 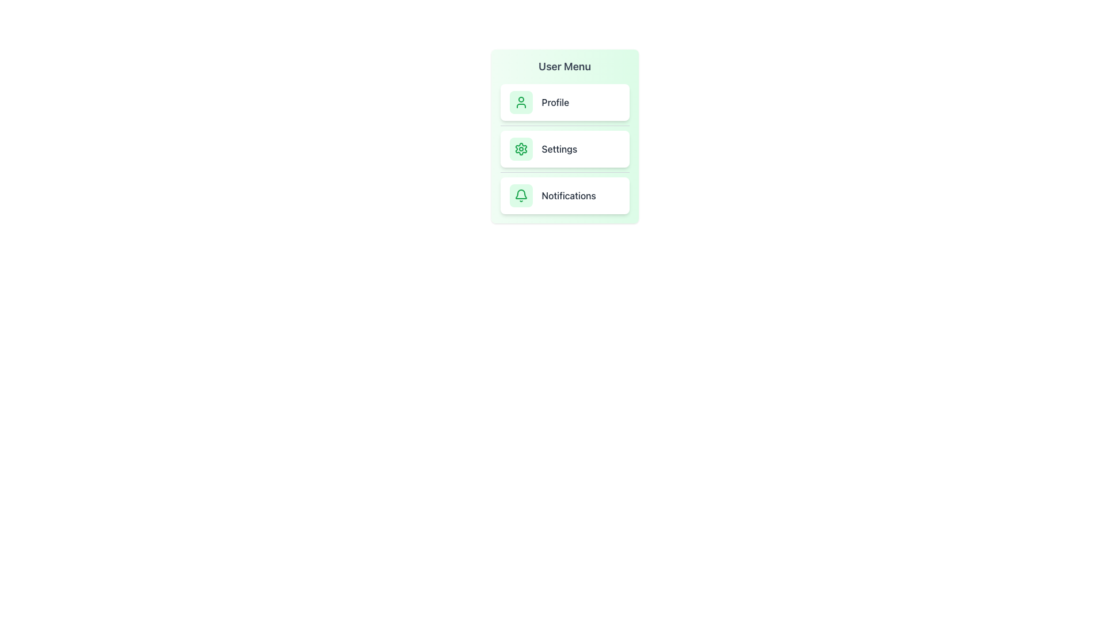 What do you see at coordinates (520, 195) in the screenshot?
I see `the bell icon in the 'Notifications' menu` at bounding box center [520, 195].